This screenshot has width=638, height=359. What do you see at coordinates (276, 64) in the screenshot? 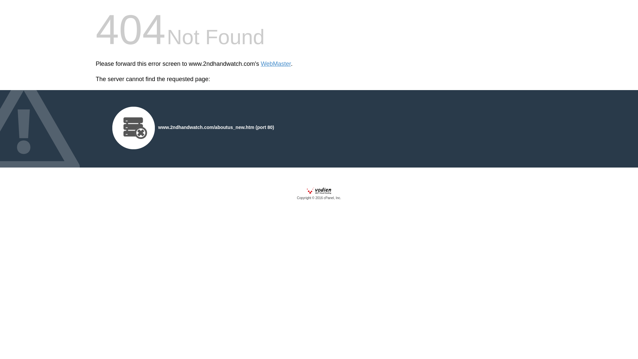
I see `'WebMaster'` at bounding box center [276, 64].